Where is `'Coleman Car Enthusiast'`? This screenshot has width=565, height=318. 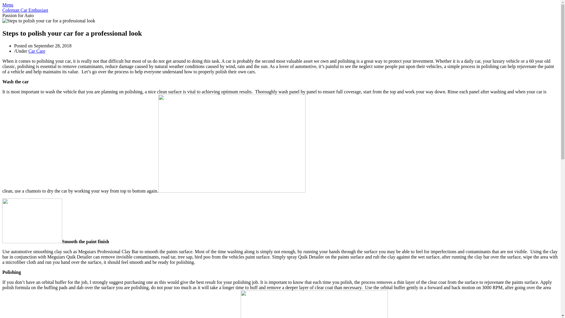
'Coleman Car Enthusiast' is located at coordinates (2, 10).